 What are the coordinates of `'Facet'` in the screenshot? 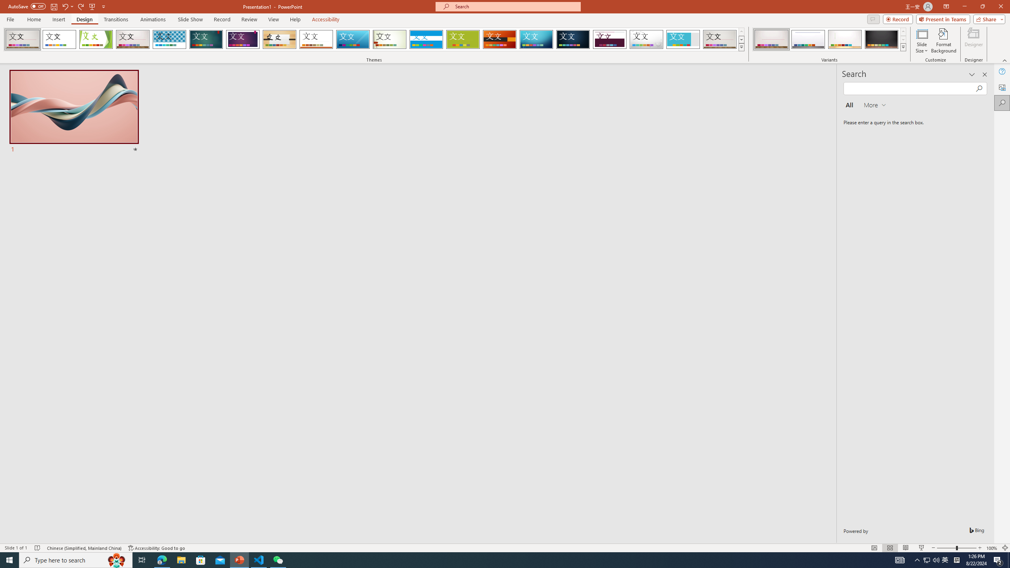 It's located at (95, 39).